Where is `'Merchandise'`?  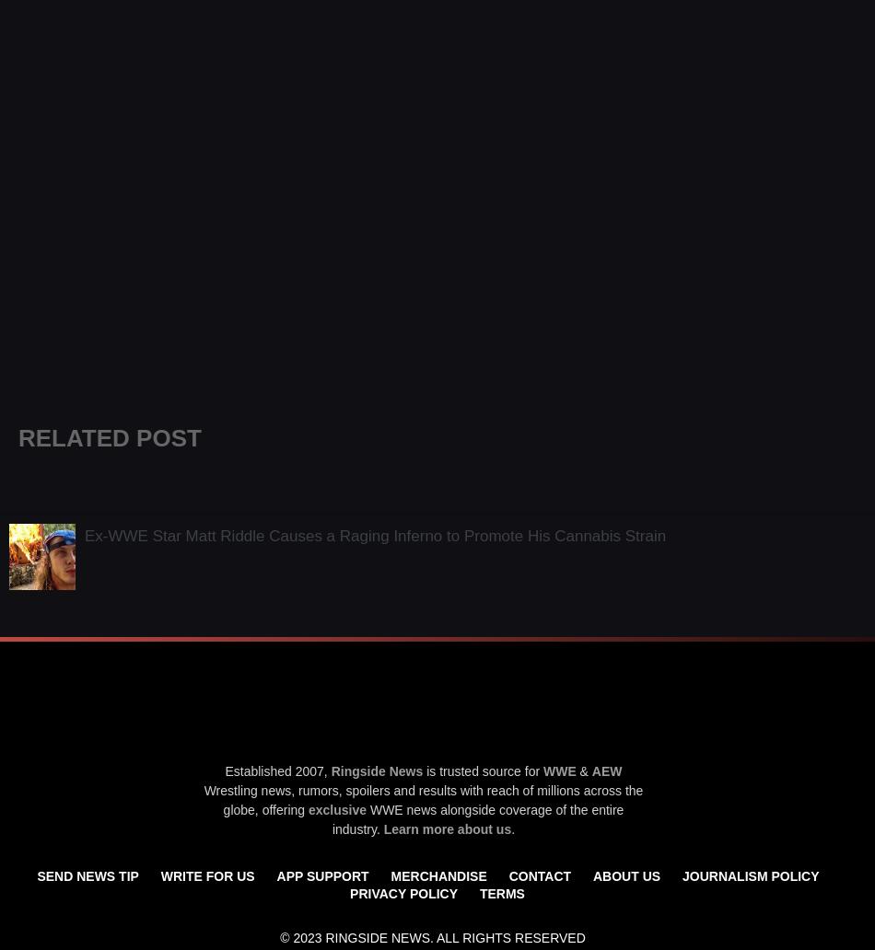
'Merchandise' is located at coordinates (438, 874).